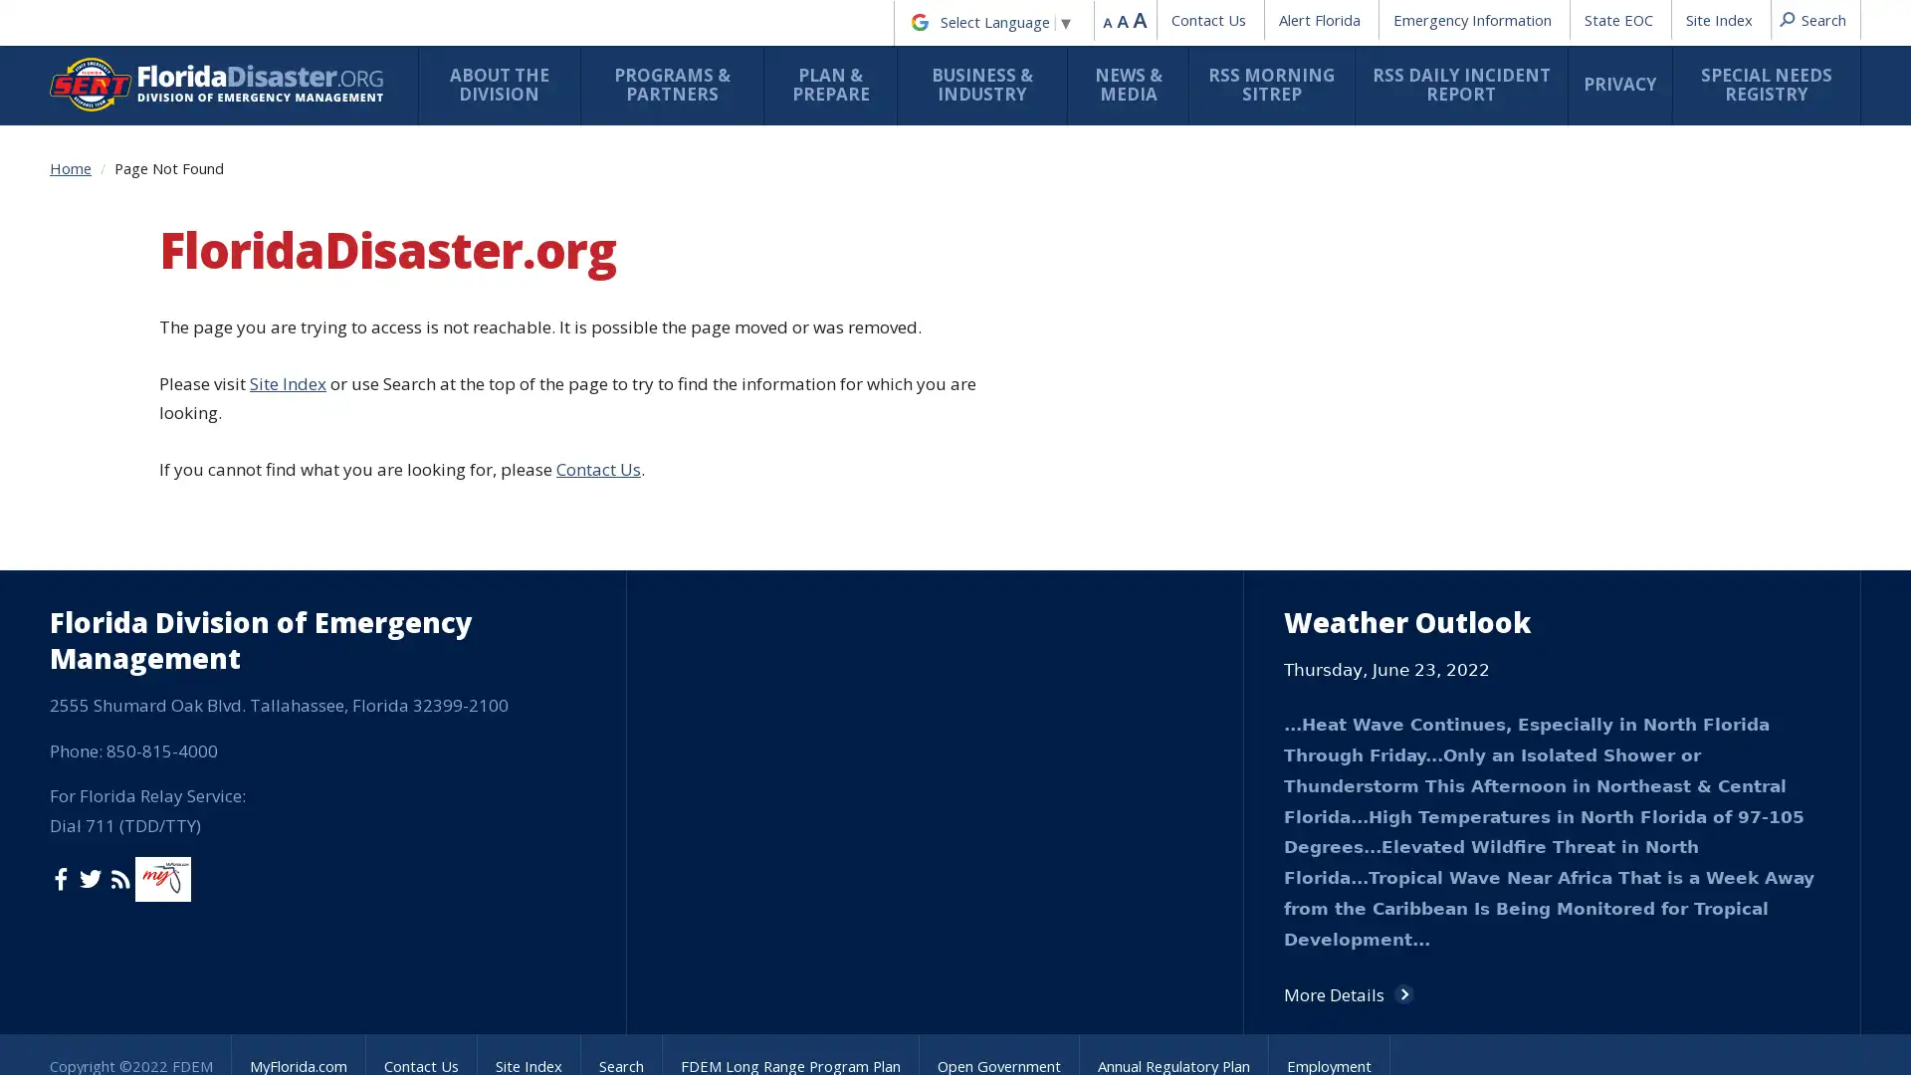 The height and width of the screenshot is (1075, 1911). Describe the element at coordinates (797, 558) in the screenshot. I see `Toggle More` at that location.